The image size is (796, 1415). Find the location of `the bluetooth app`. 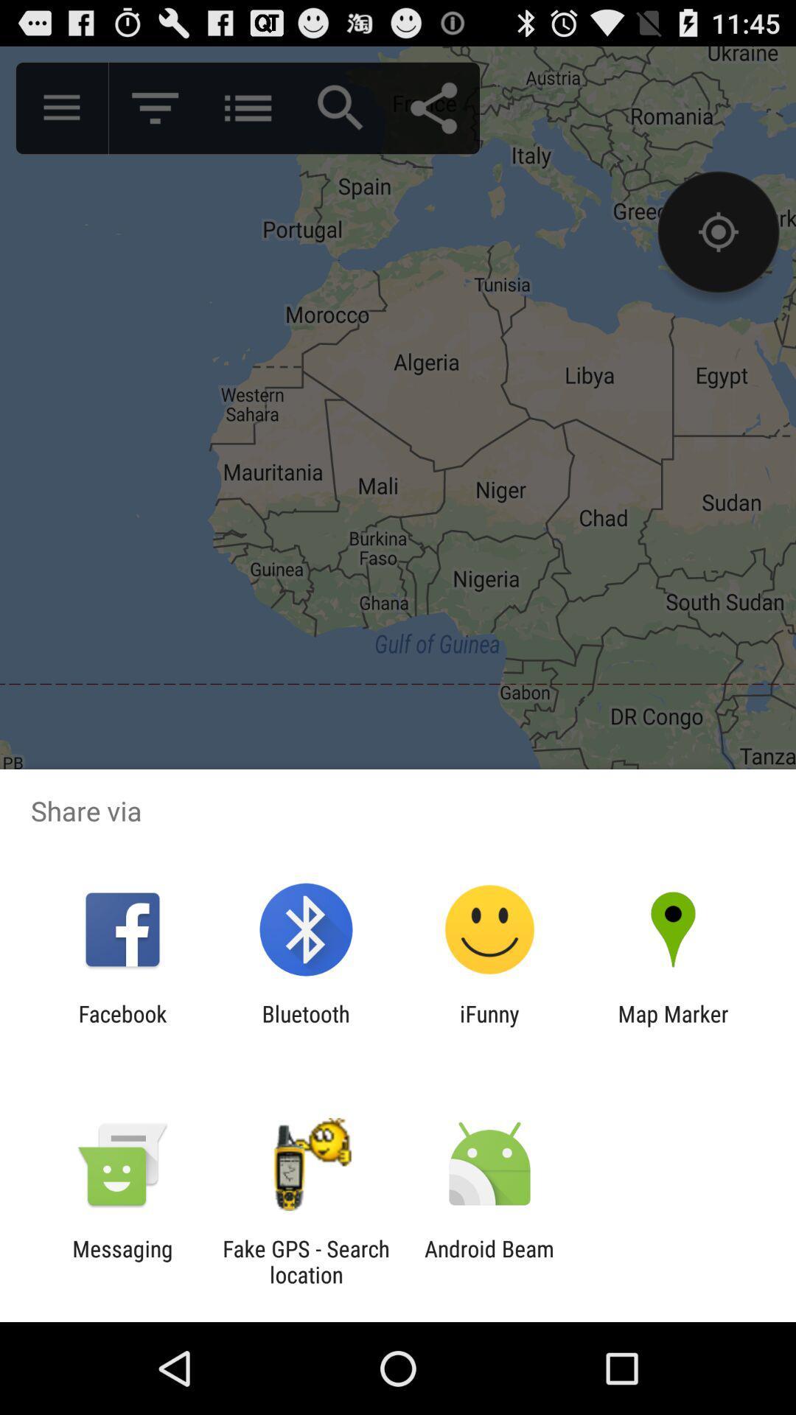

the bluetooth app is located at coordinates (305, 1026).